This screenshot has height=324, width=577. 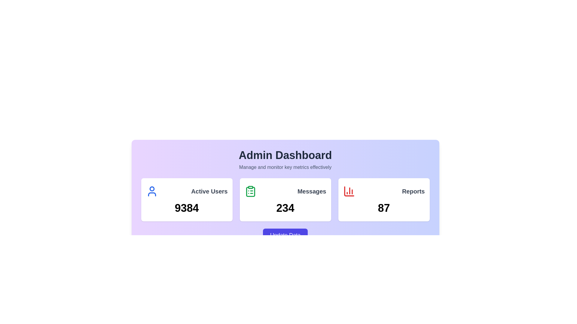 What do you see at coordinates (285, 208) in the screenshot?
I see `the text display that shows the count of messages, located centrally beneath the 'Messages' label in the second card from the left` at bounding box center [285, 208].